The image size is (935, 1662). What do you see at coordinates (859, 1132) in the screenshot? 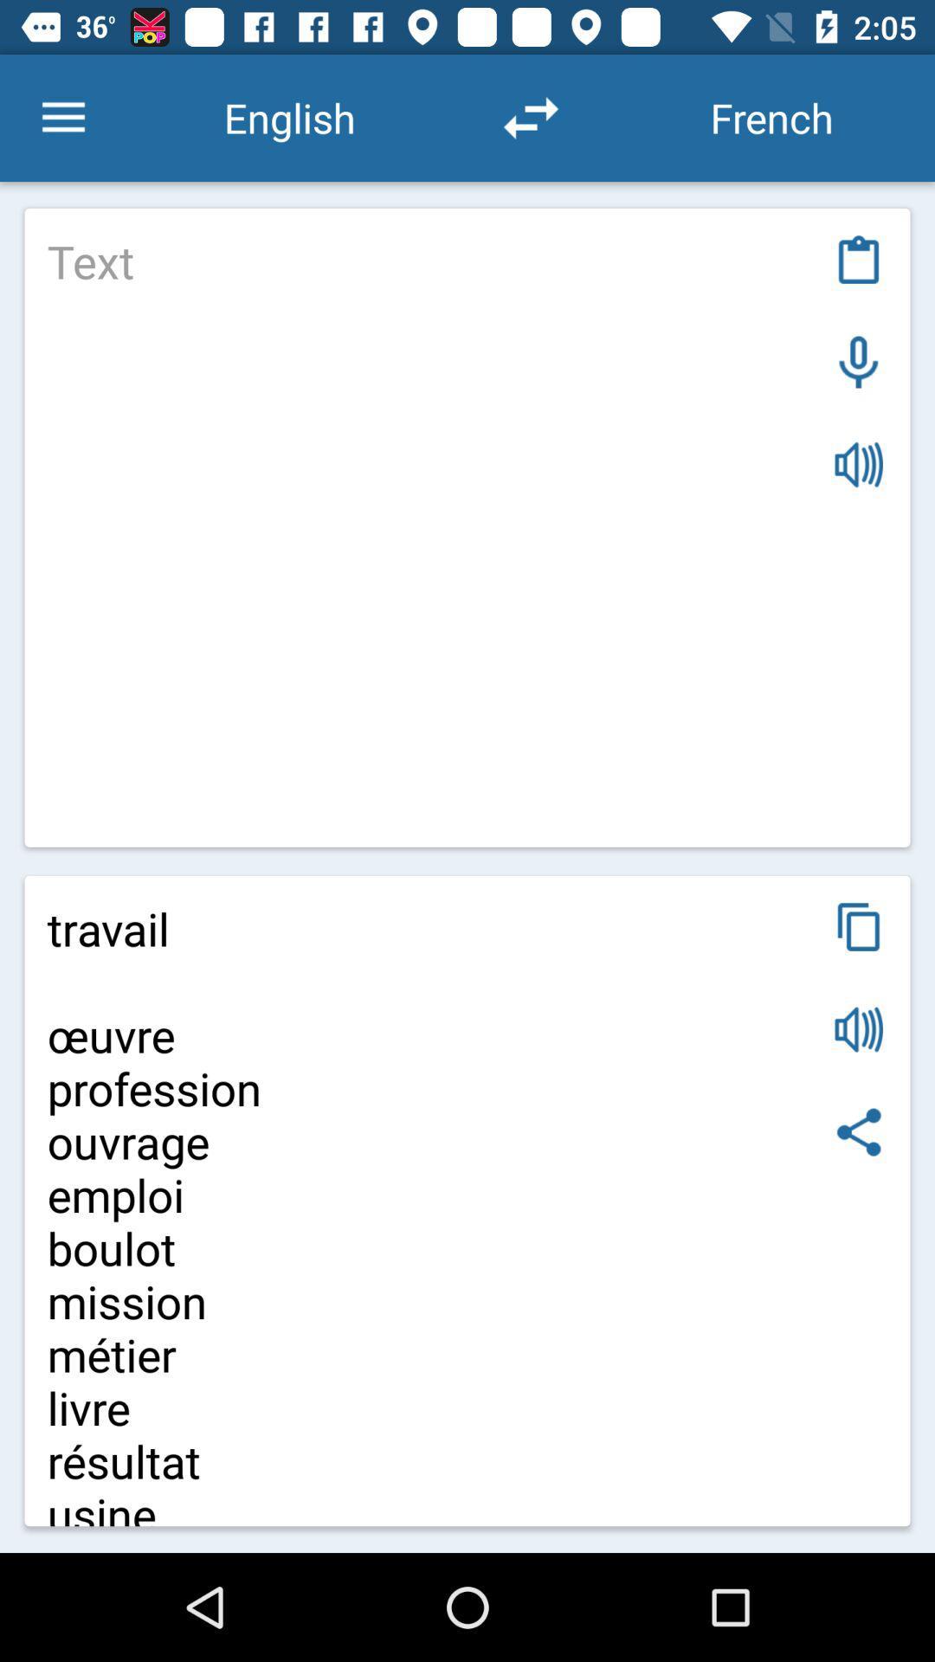
I see `the item at the bottom right corner` at bounding box center [859, 1132].